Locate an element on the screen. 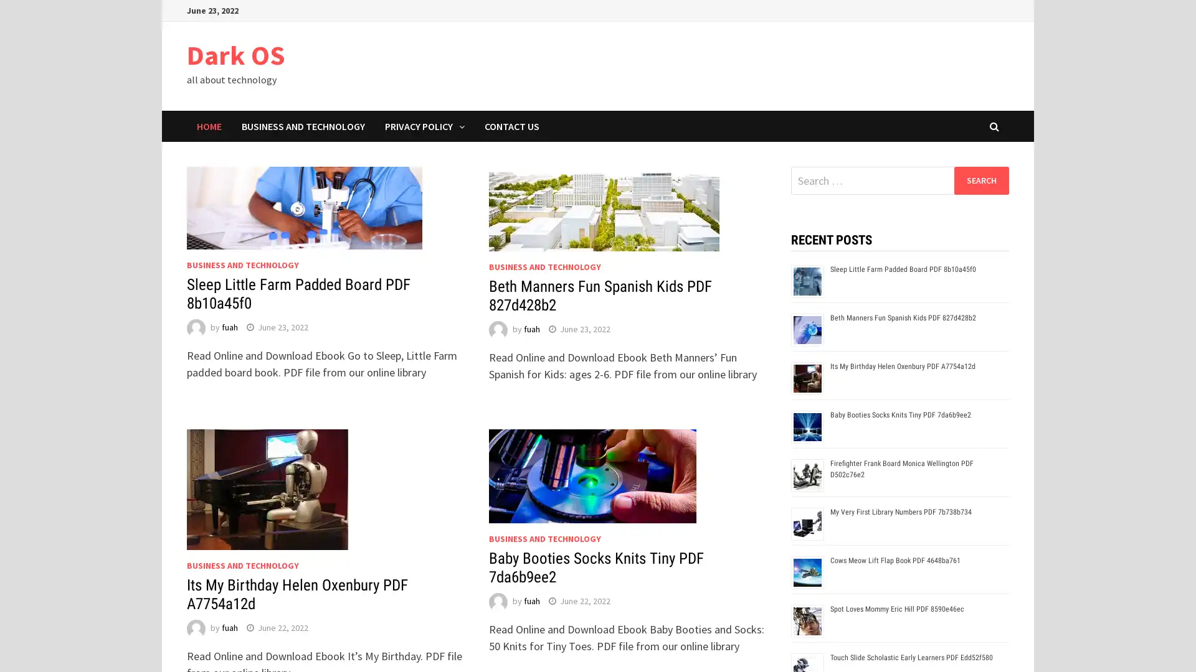  Search is located at coordinates (980, 180).